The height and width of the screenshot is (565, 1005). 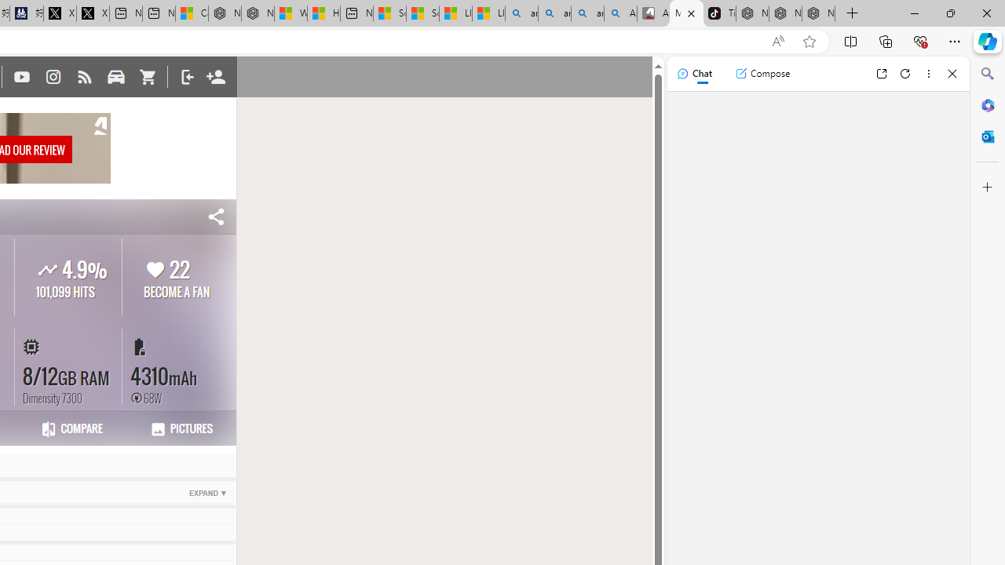 What do you see at coordinates (587, 13) in the screenshot?
I see `'amazon - Search Images'` at bounding box center [587, 13].